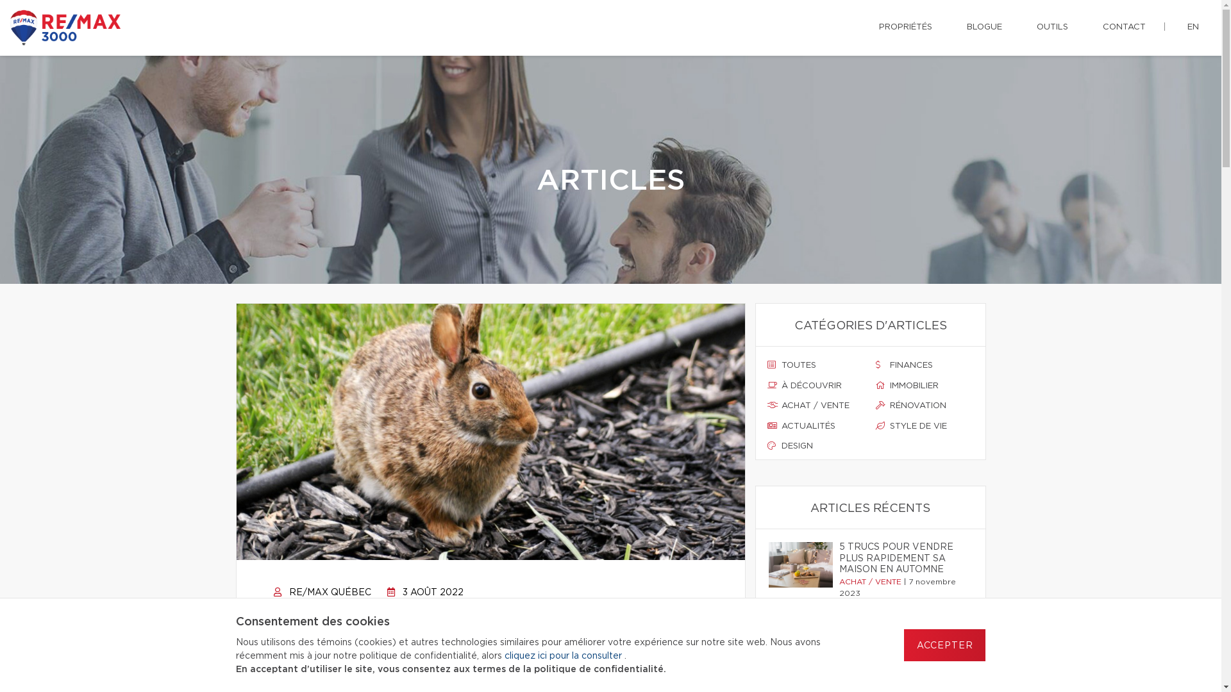 This screenshot has width=1231, height=692. What do you see at coordinates (903, 645) in the screenshot?
I see `'ACCEPTER'` at bounding box center [903, 645].